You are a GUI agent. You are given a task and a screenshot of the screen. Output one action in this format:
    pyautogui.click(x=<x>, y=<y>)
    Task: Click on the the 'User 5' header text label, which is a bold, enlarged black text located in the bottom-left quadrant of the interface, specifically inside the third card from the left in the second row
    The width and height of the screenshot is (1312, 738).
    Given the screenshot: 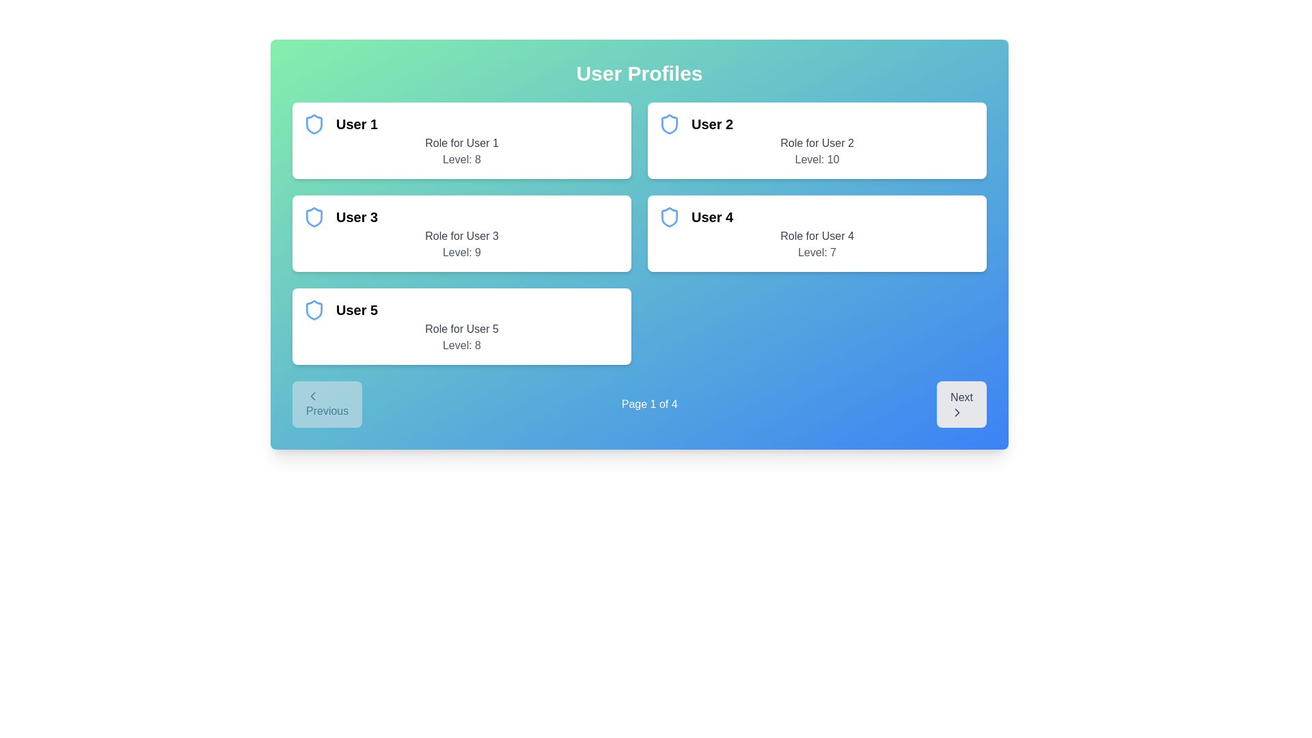 What is the action you would take?
    pyautogui.click(x=357, y=310)
    